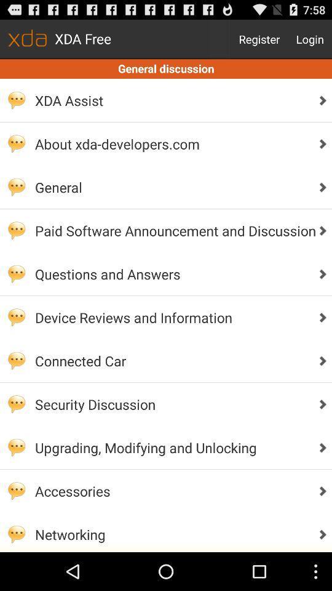  I want to click on icon to the left of login item, so click(259, 39).